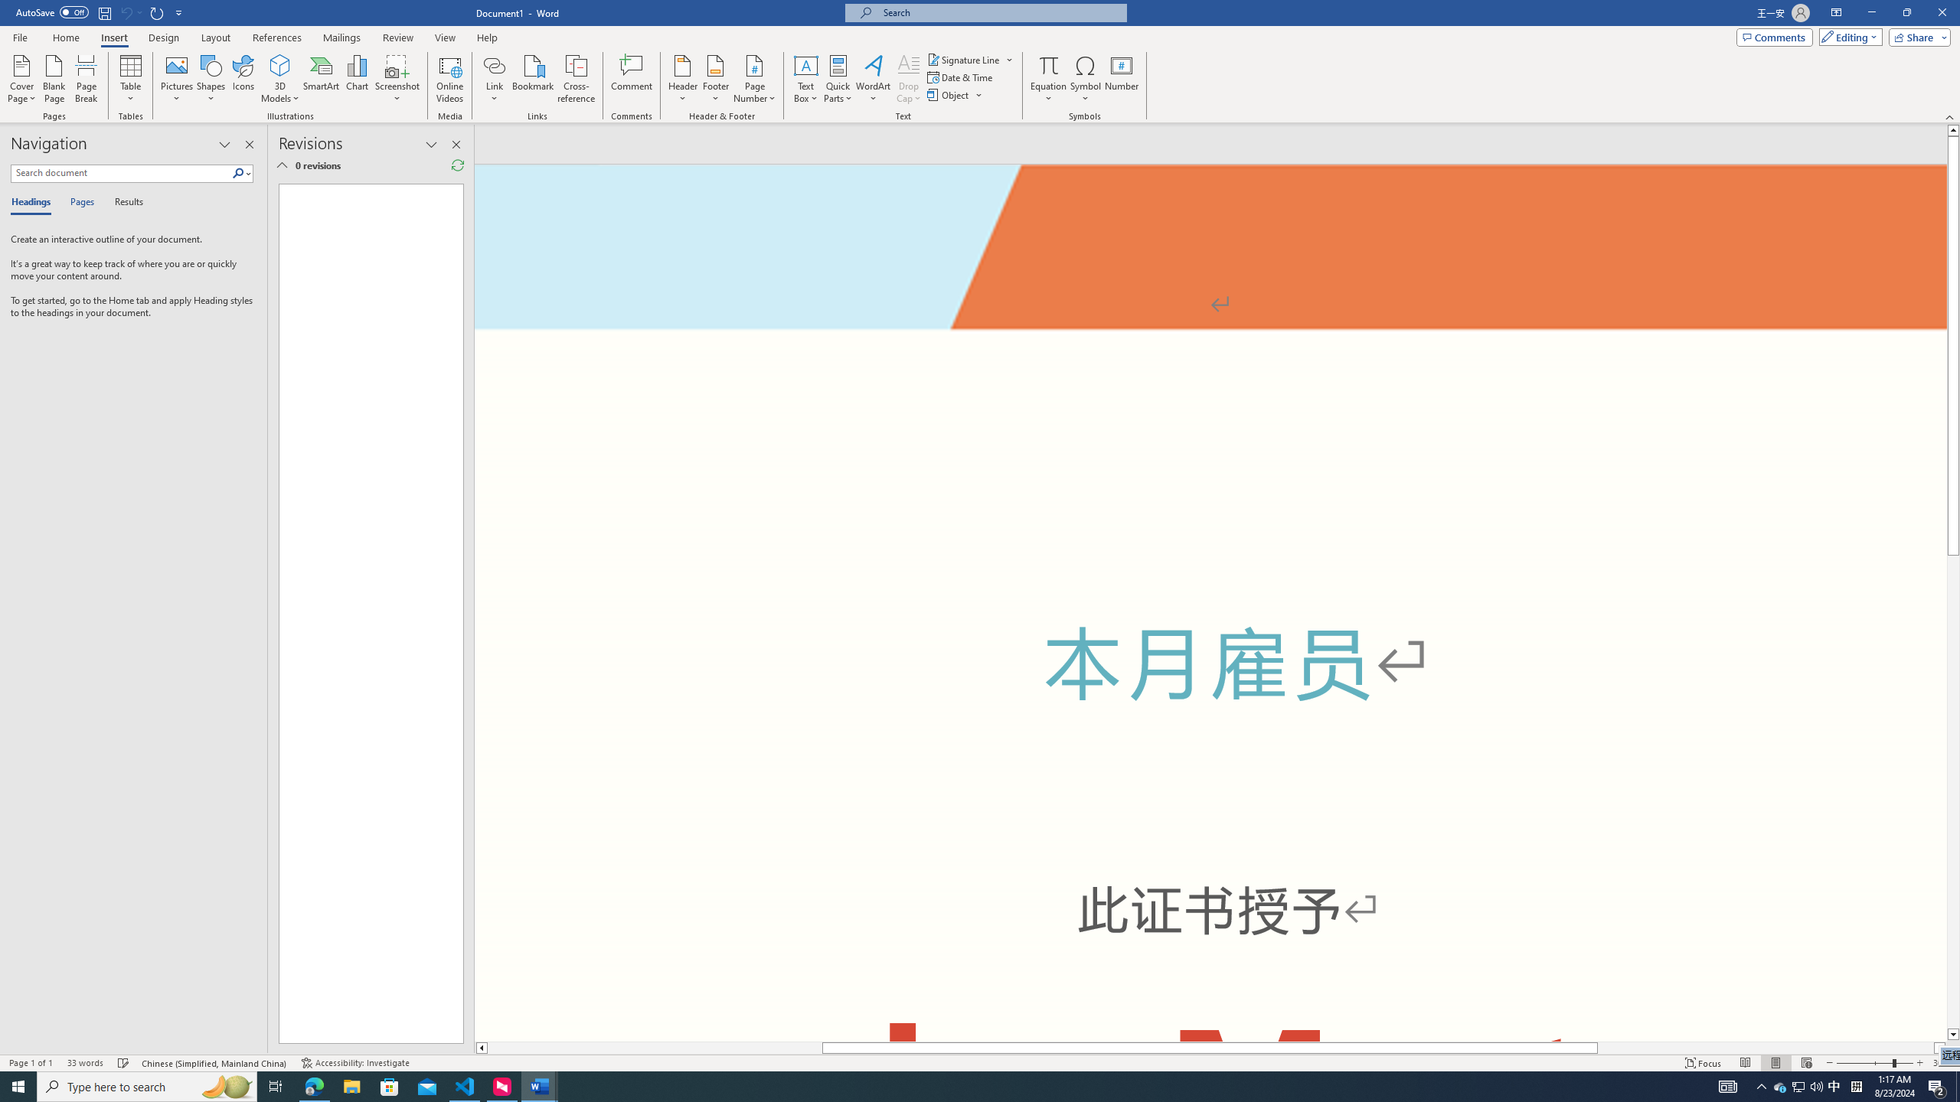 This screenshot has height=1102, width=1960. Describe the element at coordinates (1939, 1047) in the screenshot. I see `'Column right'` at that location.